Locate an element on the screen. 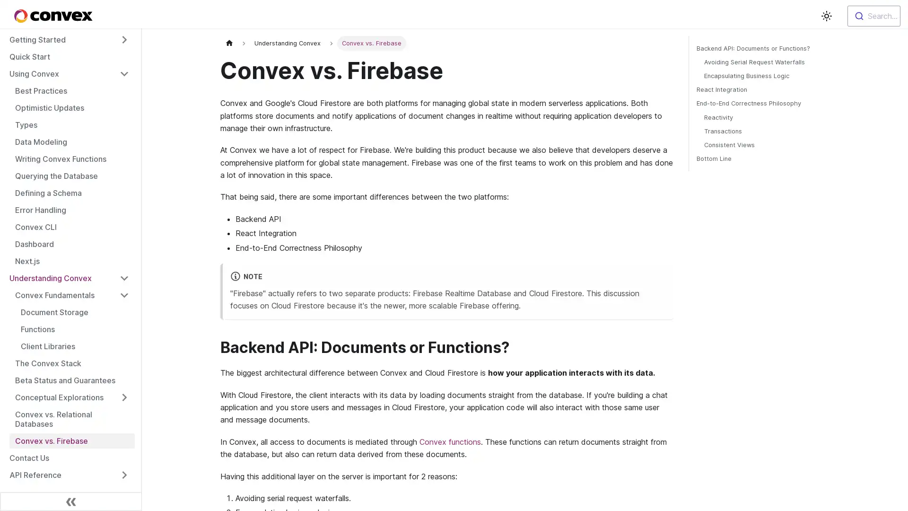 Image resolution: width=908 pixels, height=511 pixels. Toggle the collapsible sidebar category 'API Reference' is located at coordinates (124, 475).